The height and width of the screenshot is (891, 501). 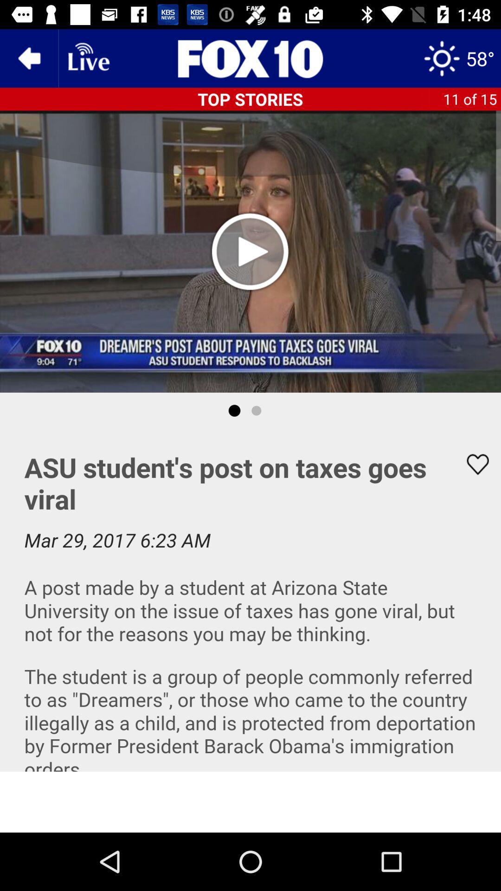 I want to click on open advertisement, so click(x=250, y=801).